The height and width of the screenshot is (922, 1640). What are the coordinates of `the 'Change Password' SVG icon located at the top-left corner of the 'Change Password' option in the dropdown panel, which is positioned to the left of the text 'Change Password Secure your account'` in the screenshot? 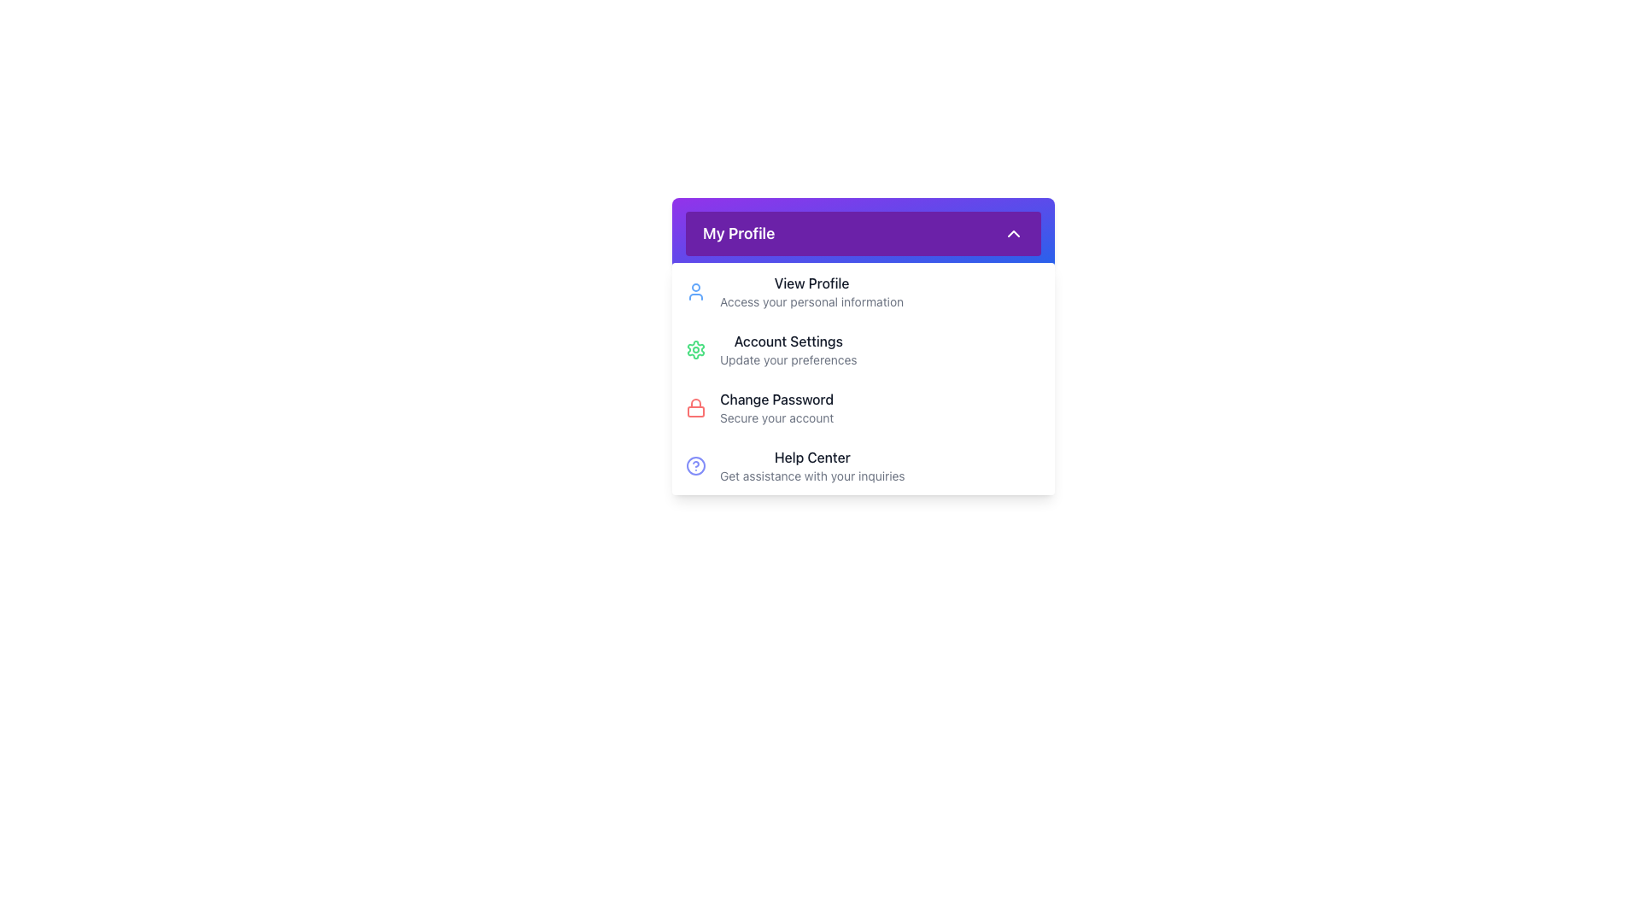 It's located at (696, 408).